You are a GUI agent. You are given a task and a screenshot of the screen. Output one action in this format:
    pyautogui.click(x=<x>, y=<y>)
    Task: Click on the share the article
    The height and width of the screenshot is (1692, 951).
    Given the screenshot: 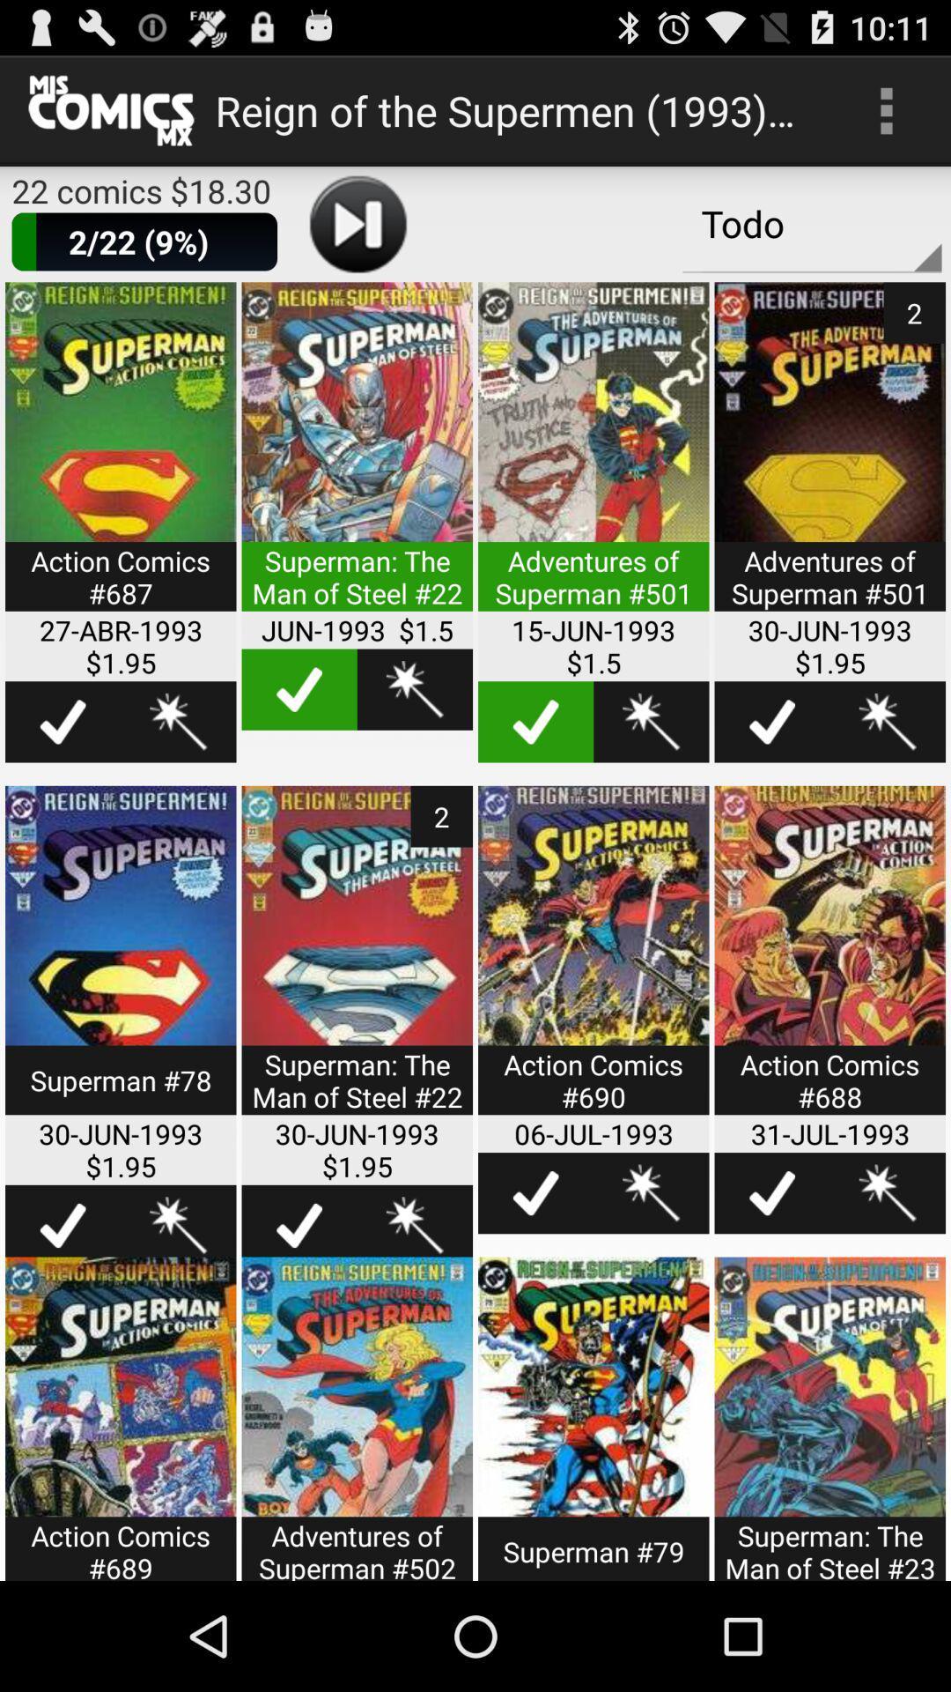 What is the action you would take?
    pyautogui.click(x=829, y=961)
    